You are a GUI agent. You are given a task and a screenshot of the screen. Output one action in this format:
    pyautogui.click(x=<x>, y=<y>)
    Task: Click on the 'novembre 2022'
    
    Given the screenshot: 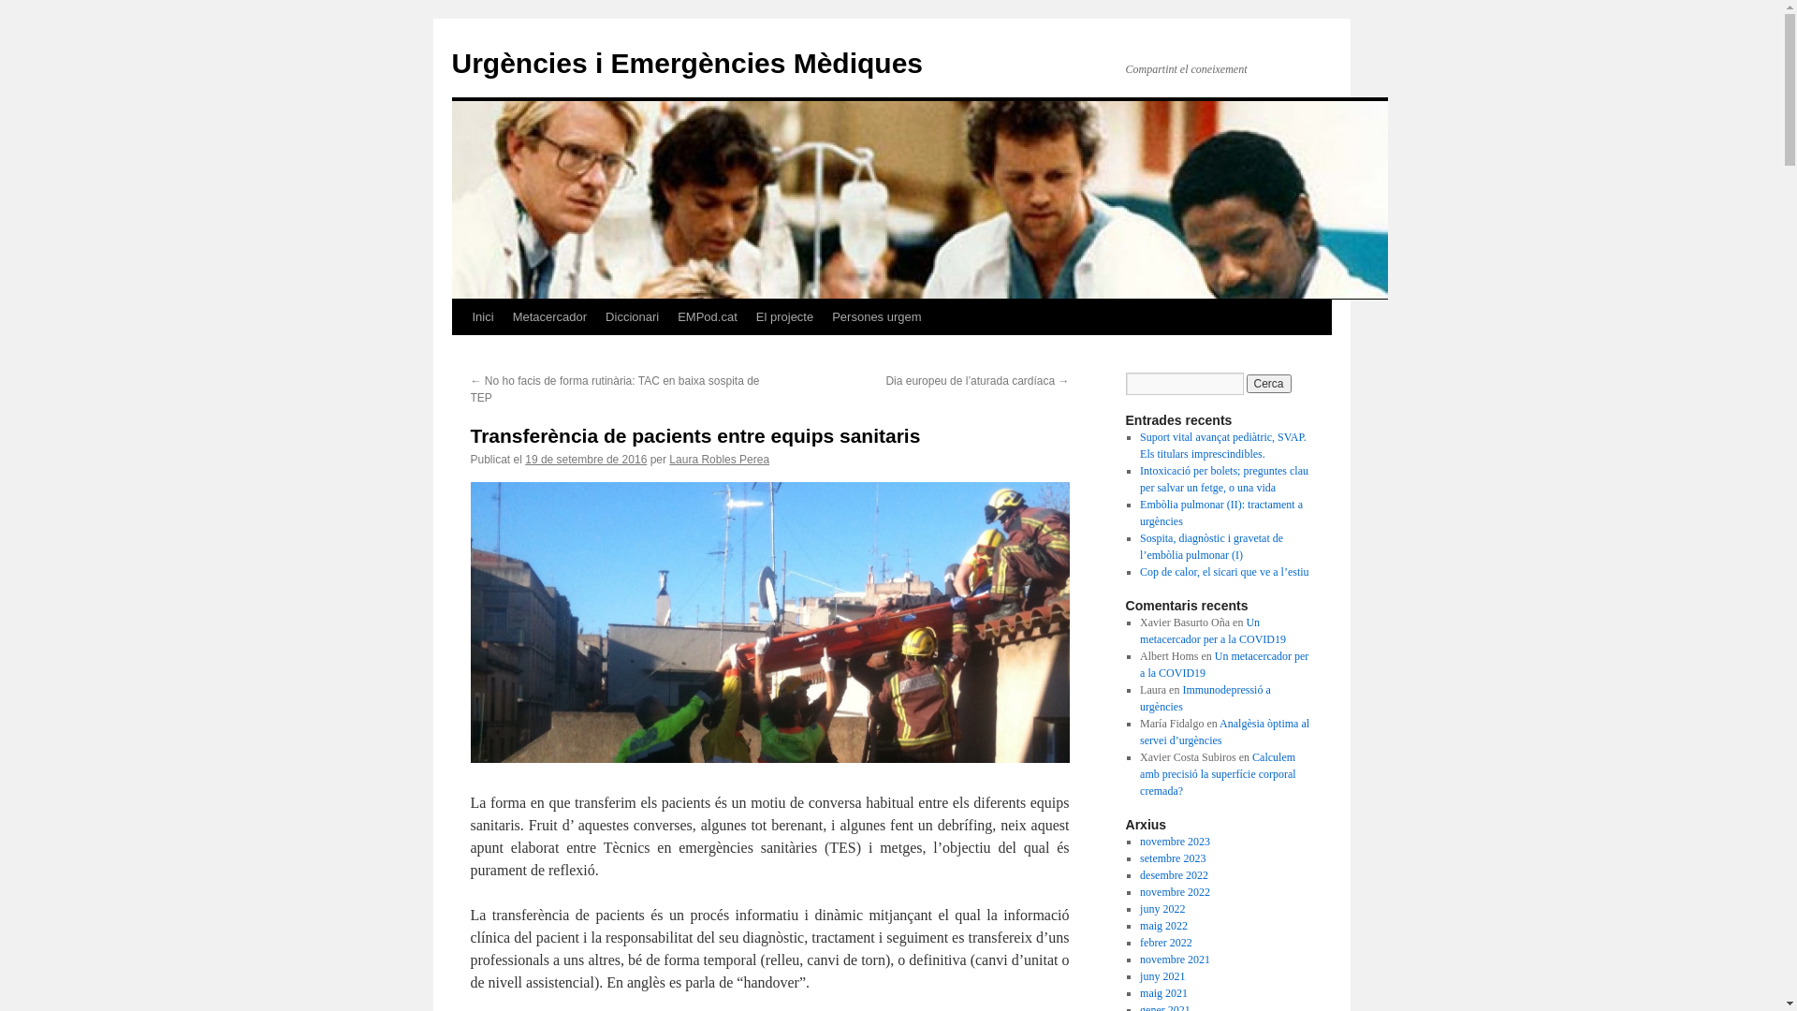 What is the action you would take?
    pyautogui.click(x=1174, y=890)
    